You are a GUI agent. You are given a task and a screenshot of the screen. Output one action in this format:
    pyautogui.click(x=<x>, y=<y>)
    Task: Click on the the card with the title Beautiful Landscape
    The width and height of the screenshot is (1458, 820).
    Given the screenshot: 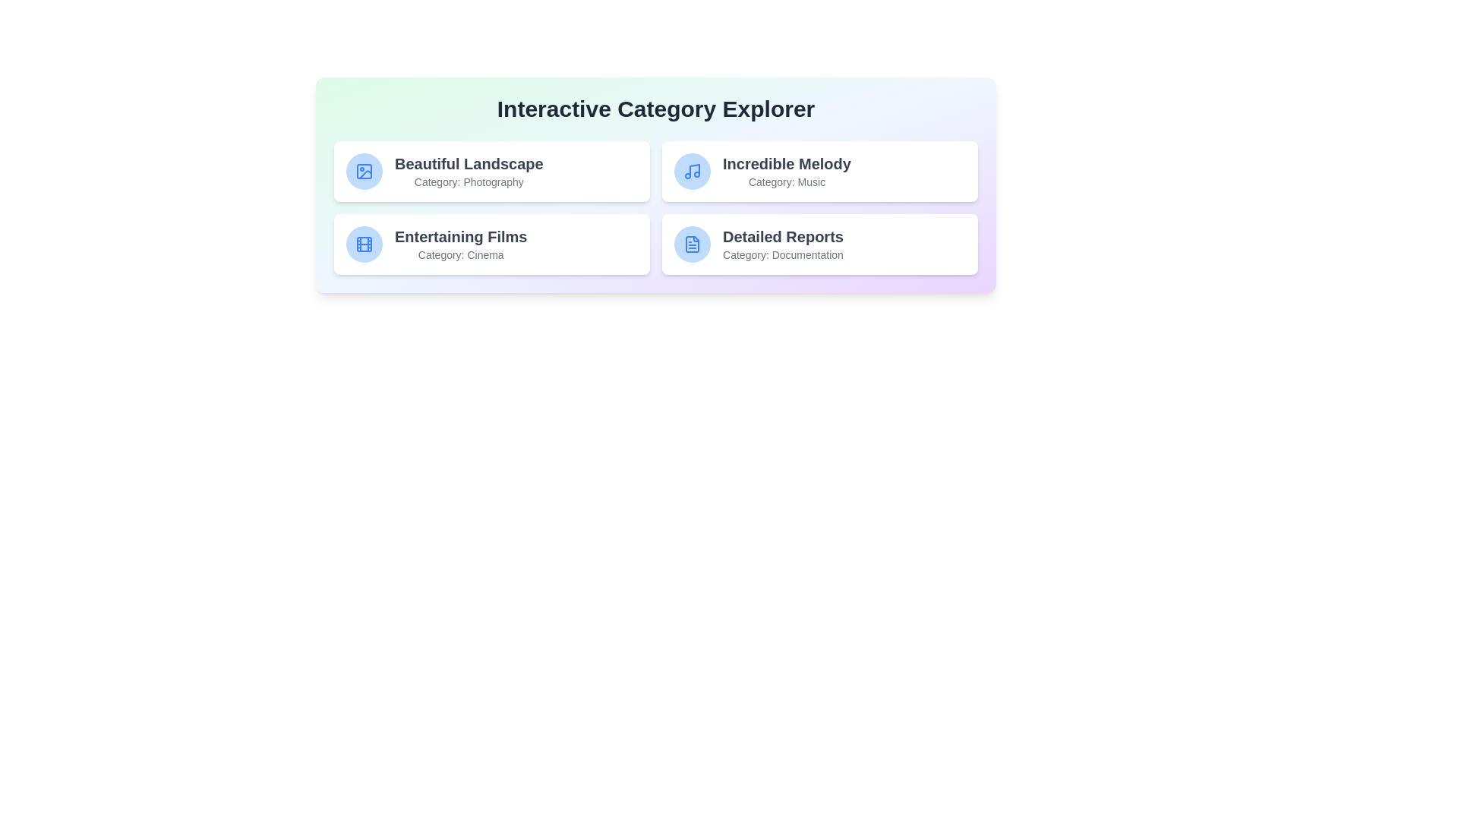 What is the action you would take?
    pyautogui.click(x=492, y=171)
    